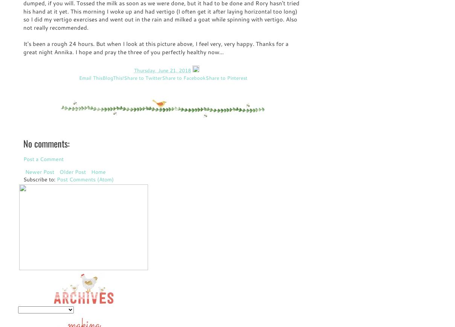 The width and height of the screenshot is (455, 327). Describe the element at coordinates (113, 77) in the screenshot. I see `'BlogThis!'` at that location.